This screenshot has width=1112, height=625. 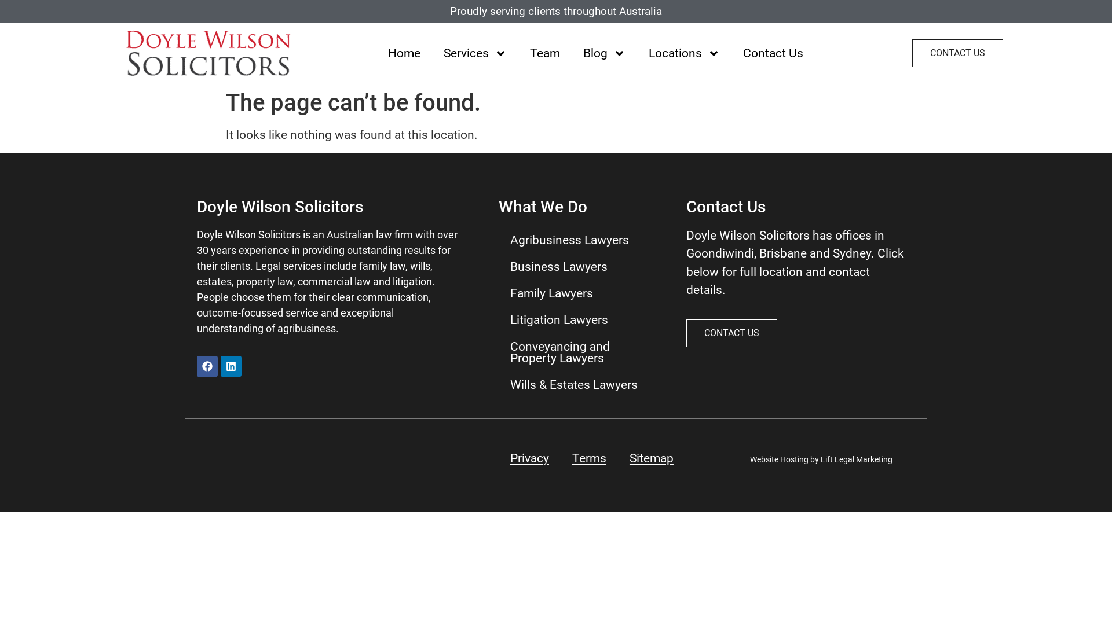 What do you see at coordinates (431, 53) in the screenshot?
I see `'Services'` at bounding box center [431, 53].